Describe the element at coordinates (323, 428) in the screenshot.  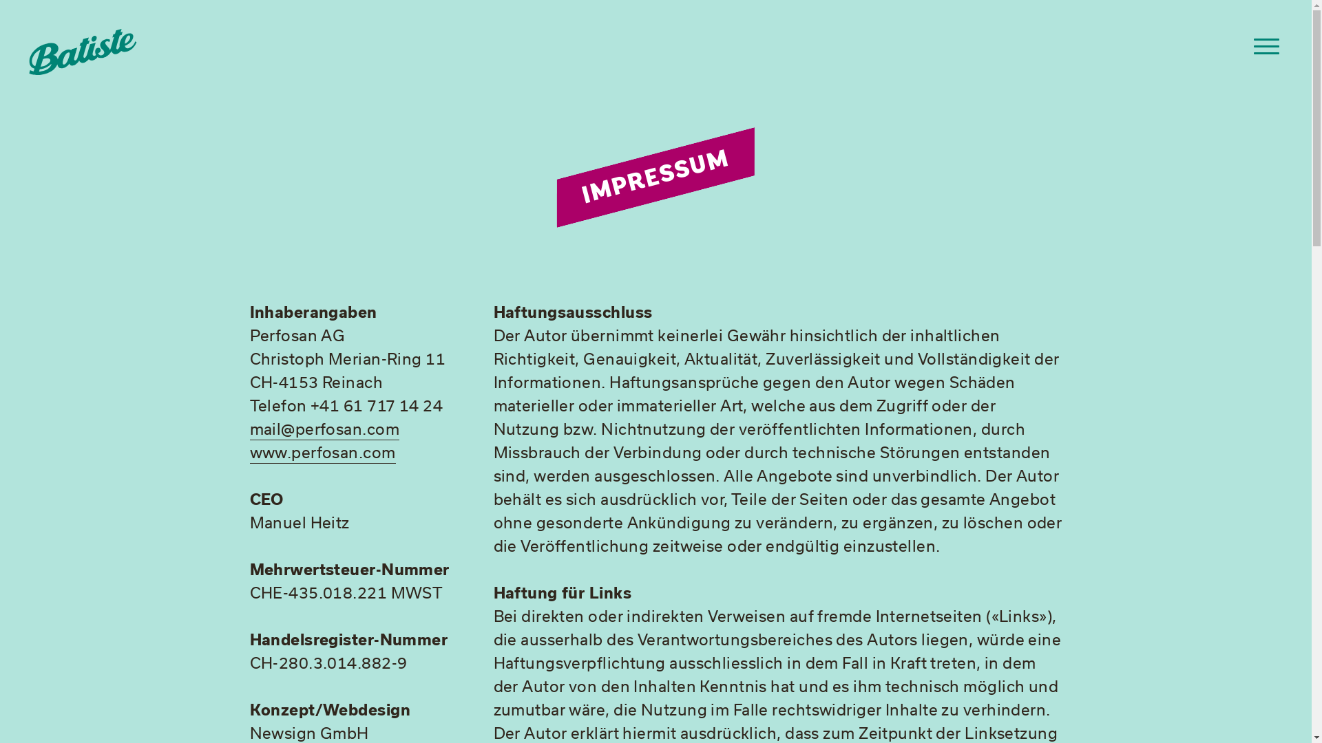
I see `'mail@perfosan.com'` at that location.